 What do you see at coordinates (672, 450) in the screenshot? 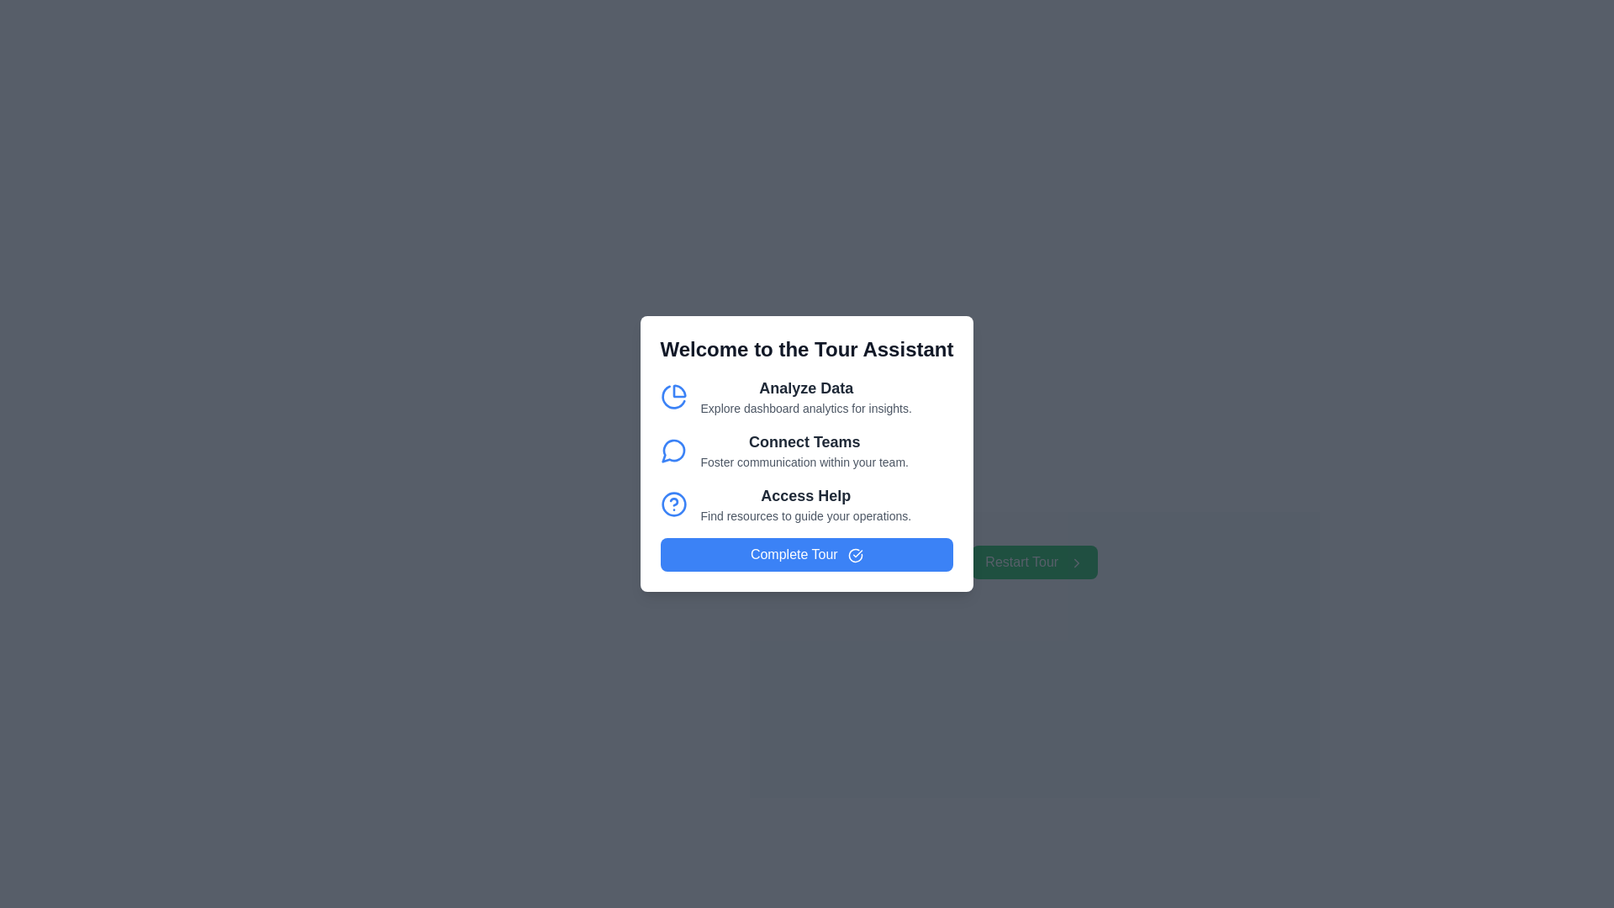
I see `the second icon in the vertical list located to the left of the 'Connect Teams' text within the dialog` at bounding box center [672, 450].